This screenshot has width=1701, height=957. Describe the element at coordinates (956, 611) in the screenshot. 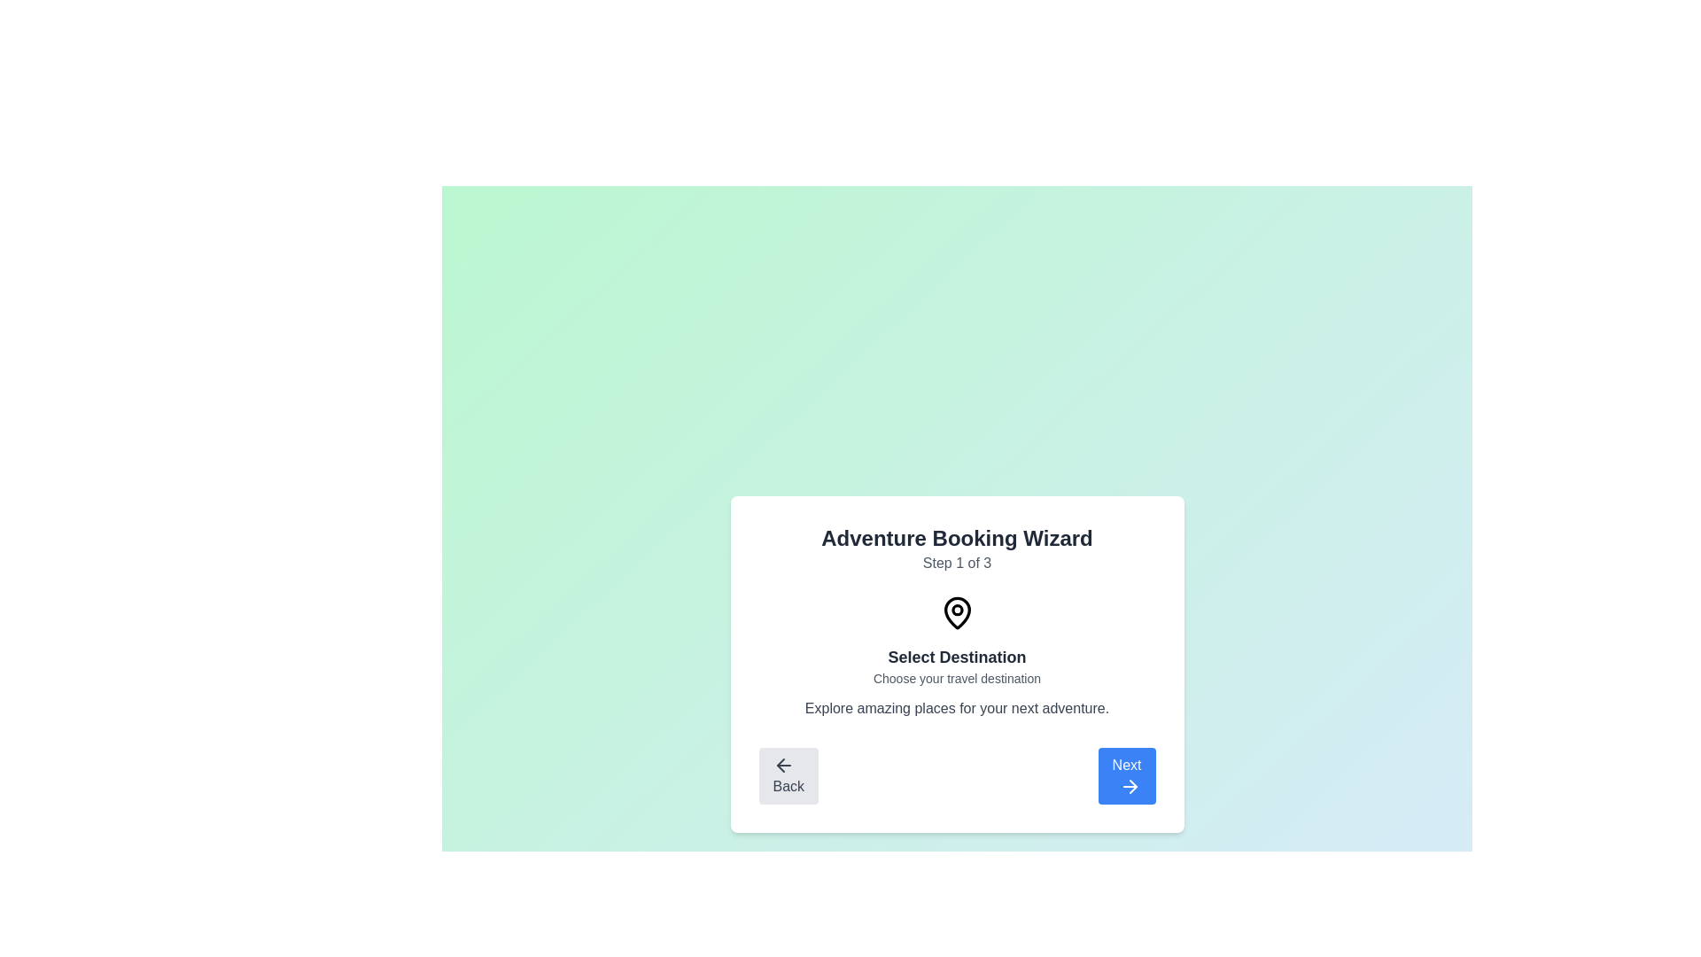

I see `the icon located at the top-center of the modal, directly above the text 'Select Destination'` at that location.